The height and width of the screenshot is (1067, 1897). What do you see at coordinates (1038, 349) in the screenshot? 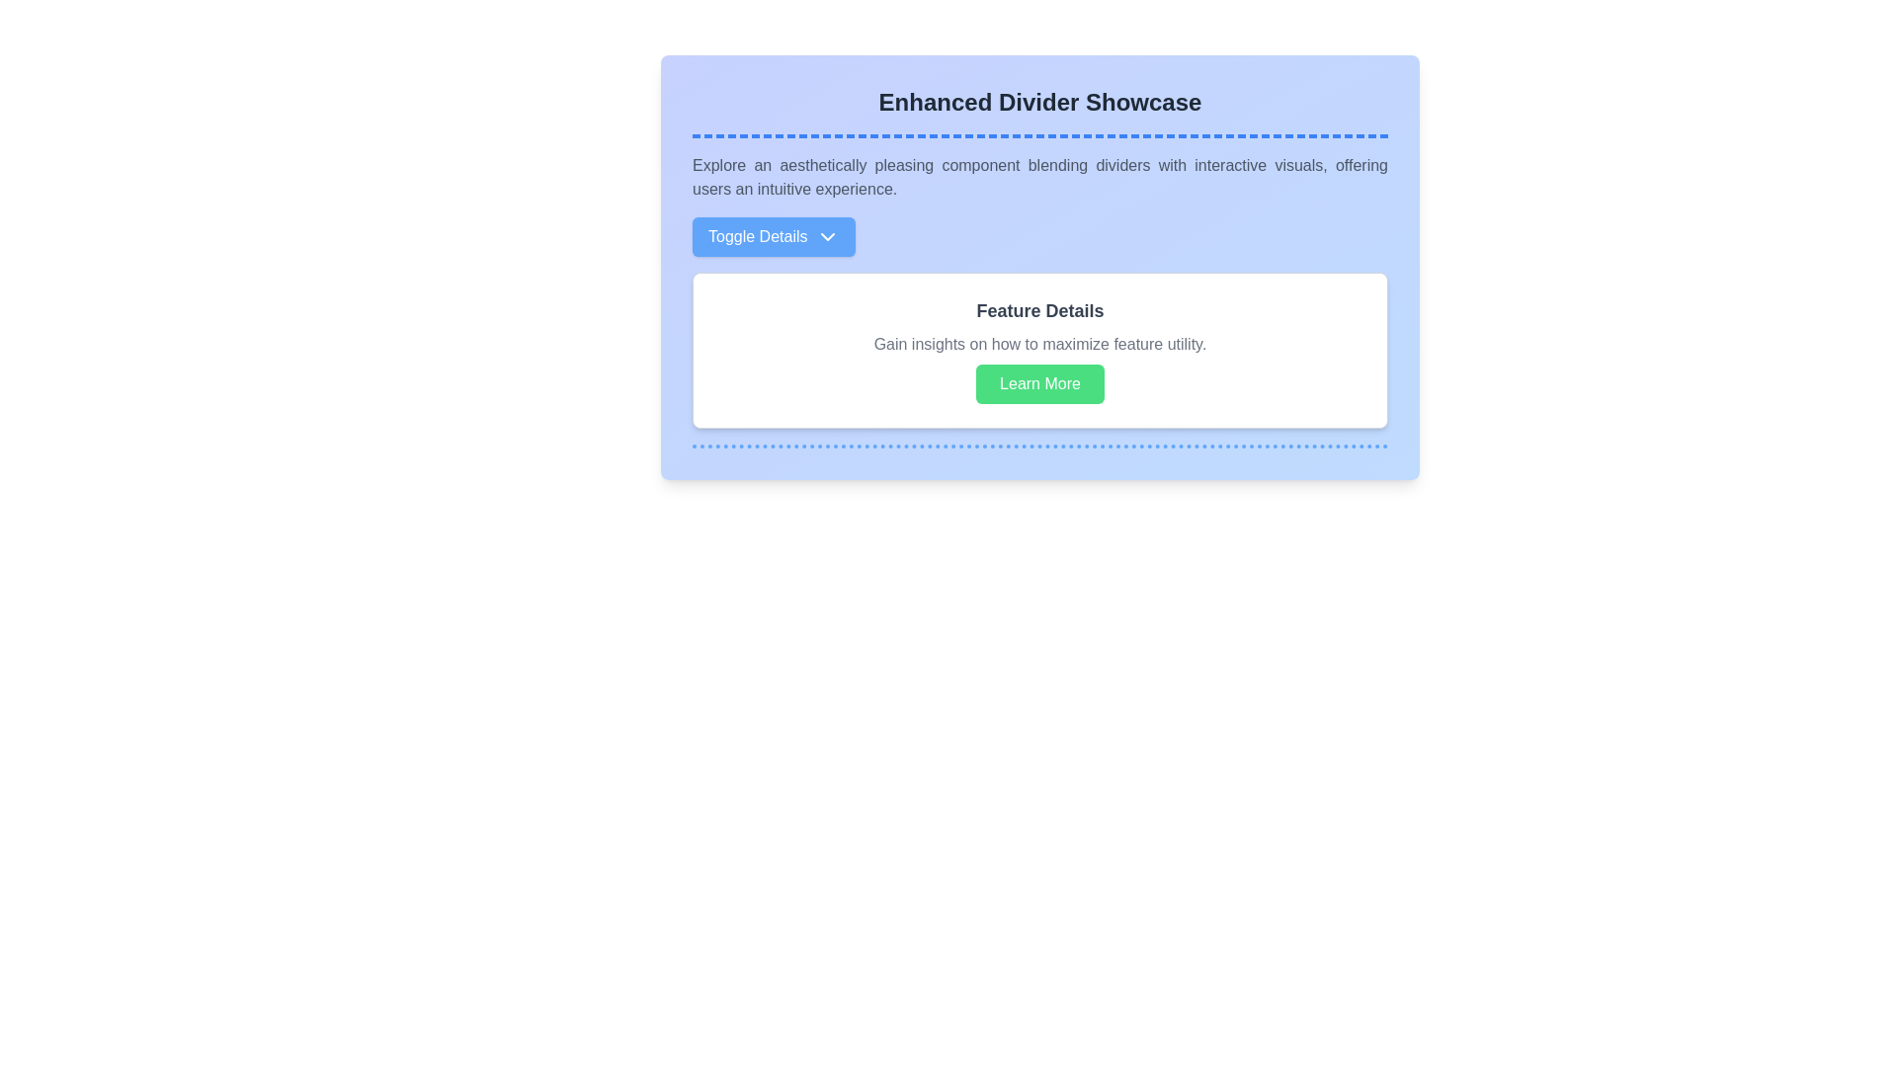
I see `the 'Learn More' button in the 'Feature Details' section` at bounding box center [1038, 349].